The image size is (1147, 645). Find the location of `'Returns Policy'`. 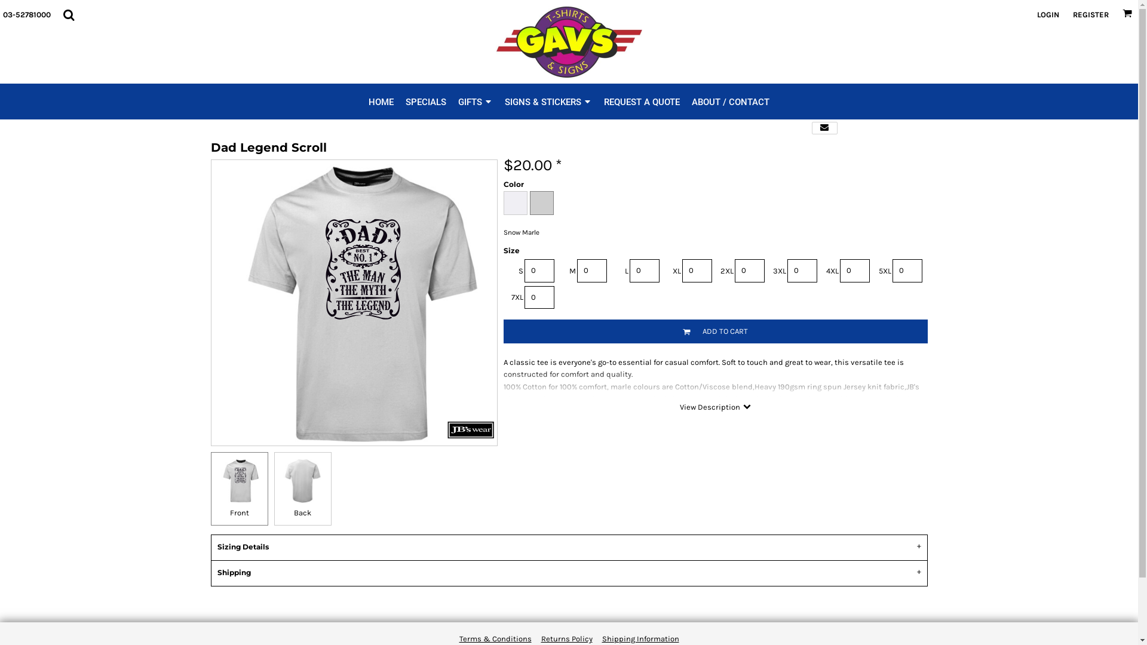

'Returns Policy' is located at coordinates (566, 638).